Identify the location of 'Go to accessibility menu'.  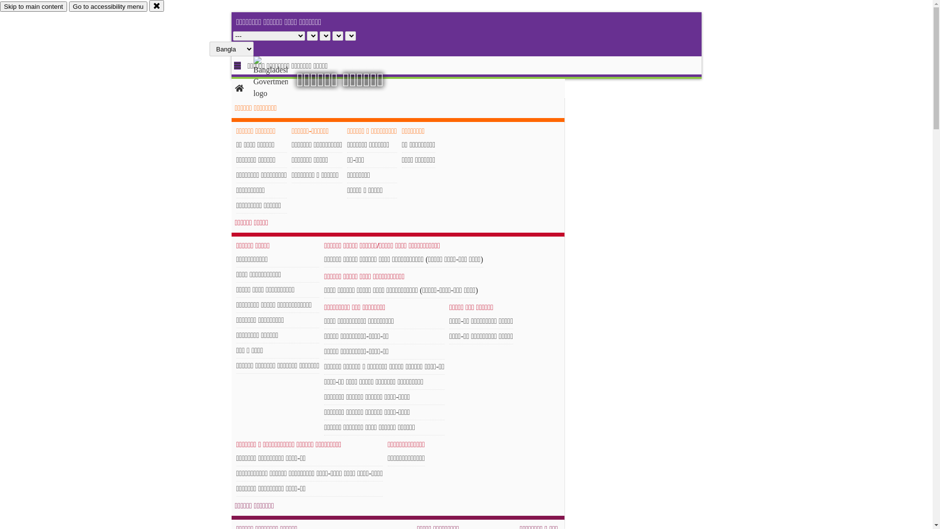
(108, 6).